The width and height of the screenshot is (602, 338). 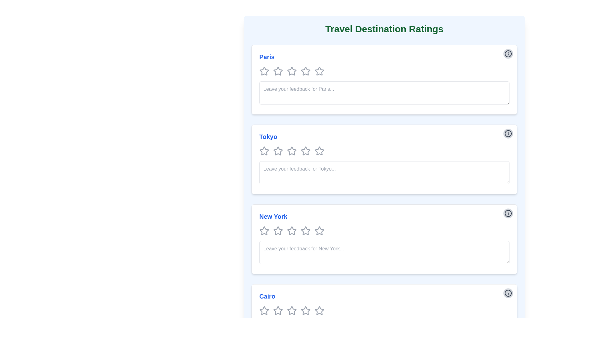 What do you see at coordinates (278, 310) in the screenshot?
I see `the first rating star in the 'Cairo' feedback section to provide a rating of 1 star` at bounding box center [278, 310].